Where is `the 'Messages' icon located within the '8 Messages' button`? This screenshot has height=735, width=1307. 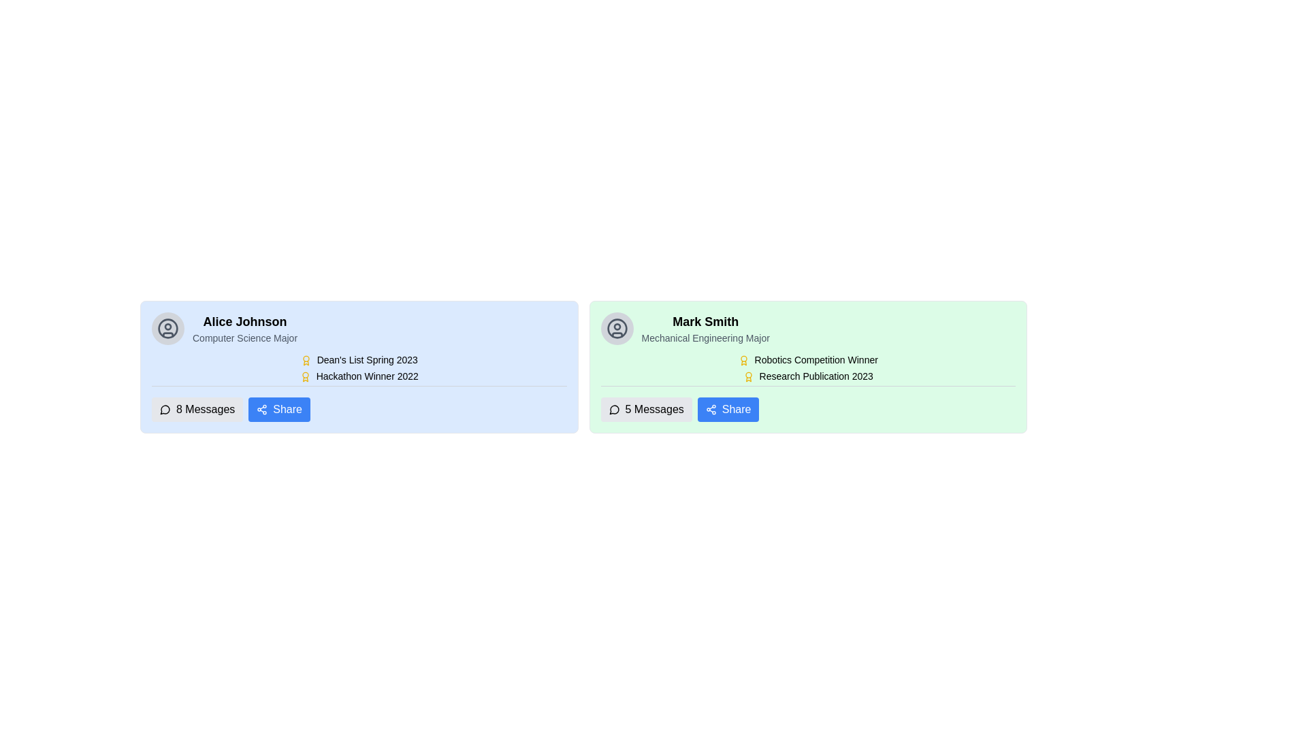
the 'Messages' icon located within the '8 Messages' button is located at coordinates (164, 409).